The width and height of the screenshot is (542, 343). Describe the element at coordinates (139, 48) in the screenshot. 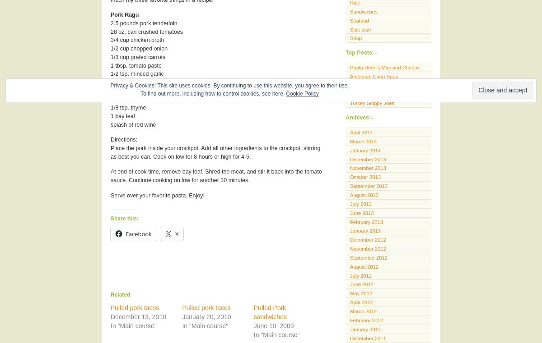

I see `'1/2 cup chopped onion'` at that location.